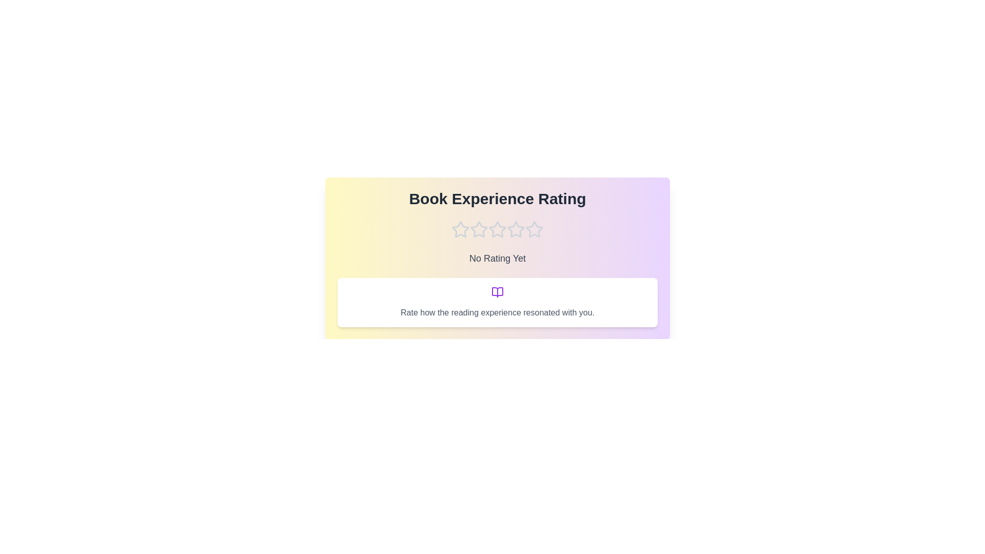  Describe the element at coordinates (479, 229) in the screenshot. I see `the star corresponding to 2 stars to preview the rating description` at that location.